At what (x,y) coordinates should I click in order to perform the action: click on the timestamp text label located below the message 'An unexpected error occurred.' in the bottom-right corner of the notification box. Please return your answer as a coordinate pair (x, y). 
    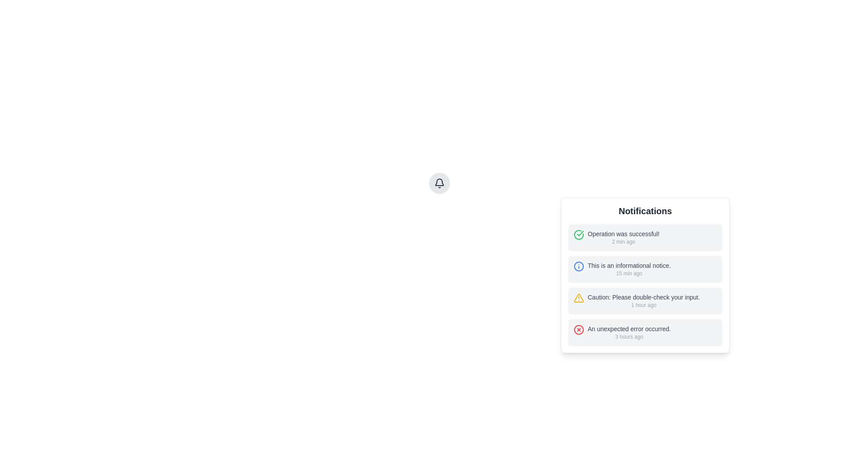
    Looking at the image, I should click on (629, 336).